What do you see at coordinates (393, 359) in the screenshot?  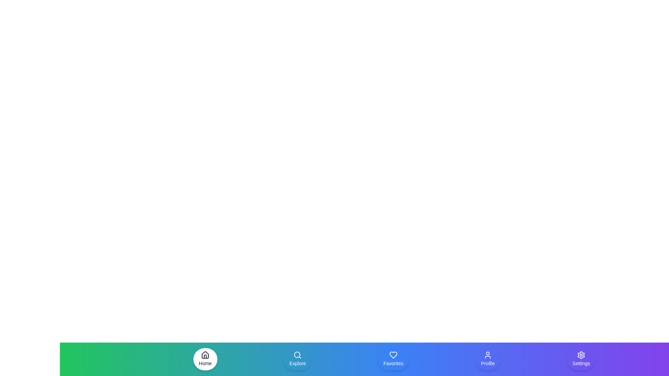 I see `the button labeled Favorites to observe its visual state change` at bounding box center [393, 359].